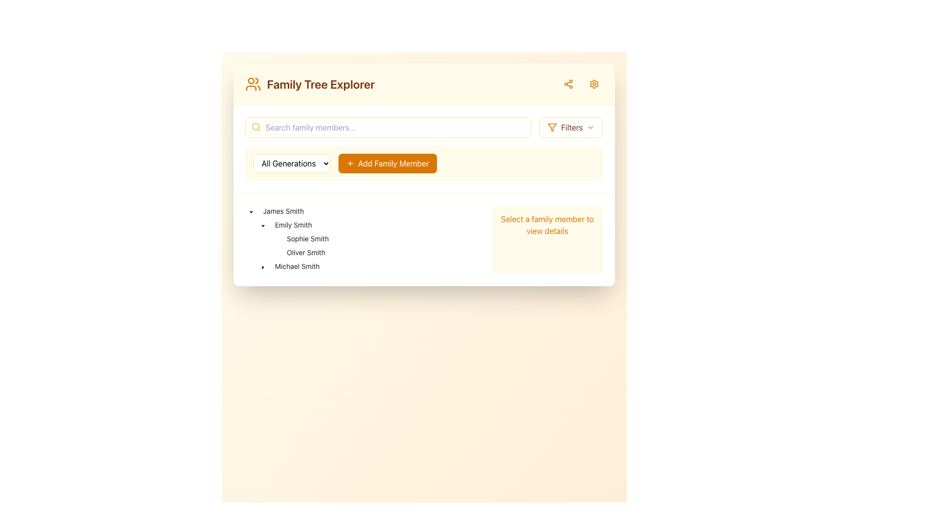 The height and width of the screenshot is (532, 946). What do you see at coordinates (287, 252) in the screenshot?
I see `the tree item node labeled 'Oliver Smith' to expand or collapse its children` at bounding box center [287, 252].